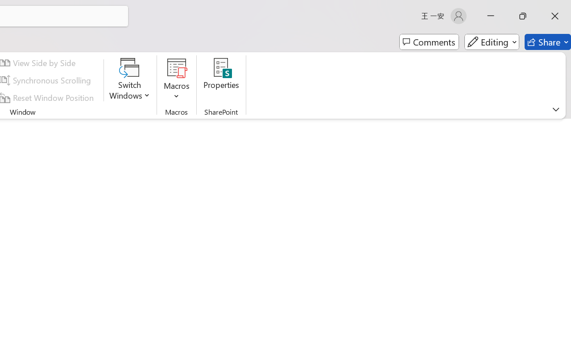 Image resolution: width=571 pixels, height=357 pixels. What do you see at coordinates (523, 16) in the screenshot?
I see `'Restore Down'` at bounding box center [523, 16].